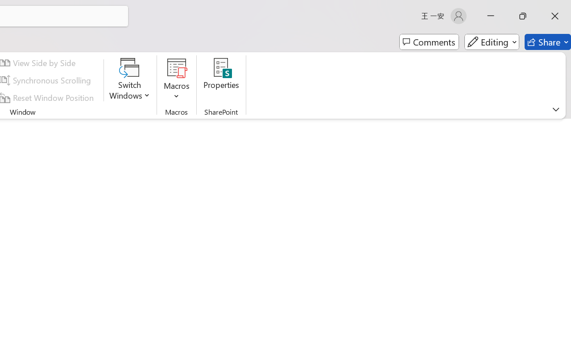 Image resolution: width=571 pixels, height=357 pixels. What do you see at coordinates (523, 16) in the screenshot?
I see `'Restore Down'` at bounding box center [523, 16].